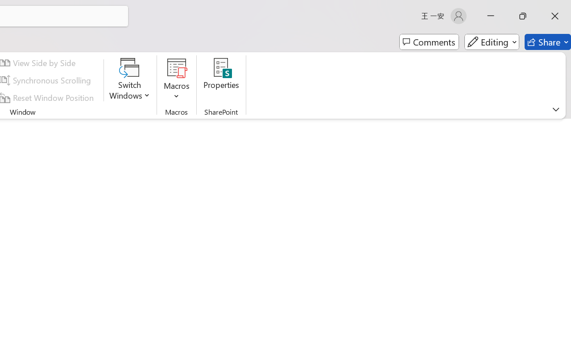 Image resolution: width=571 pixels, height=357 pixels. What do you see at coordinates (523, 16) in the screenshot?
I see `'Restore Down'` at bounding box center [523, 16].